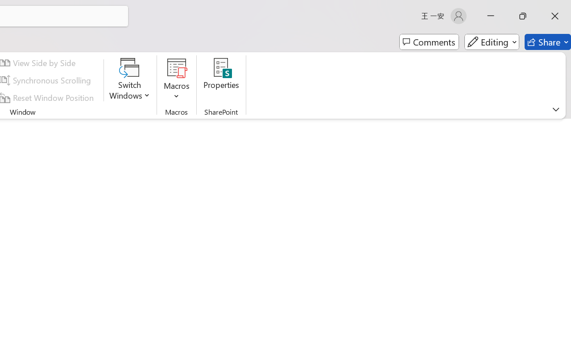 Image resolution: width=571 pixels, height=357 pixels. What do you see at coordinates (523, 16) in the screenshot?
I see `'Restore Down'` at bounding box center [523, 16].